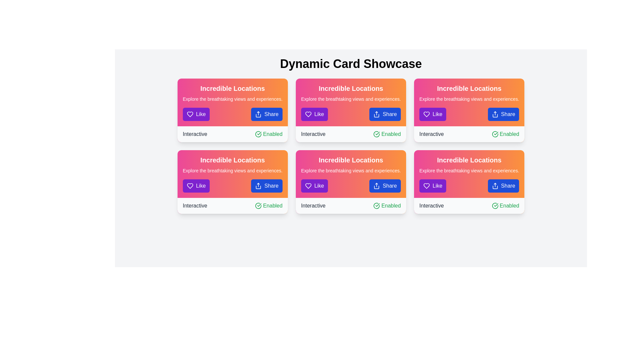  What do you see at coordinates (308, 186) in the screenshot?
I see `the purple heart icon associated with the 'Like' text, located in the second row and third column of the grid, to like the content` at bounding box center [308, 186].